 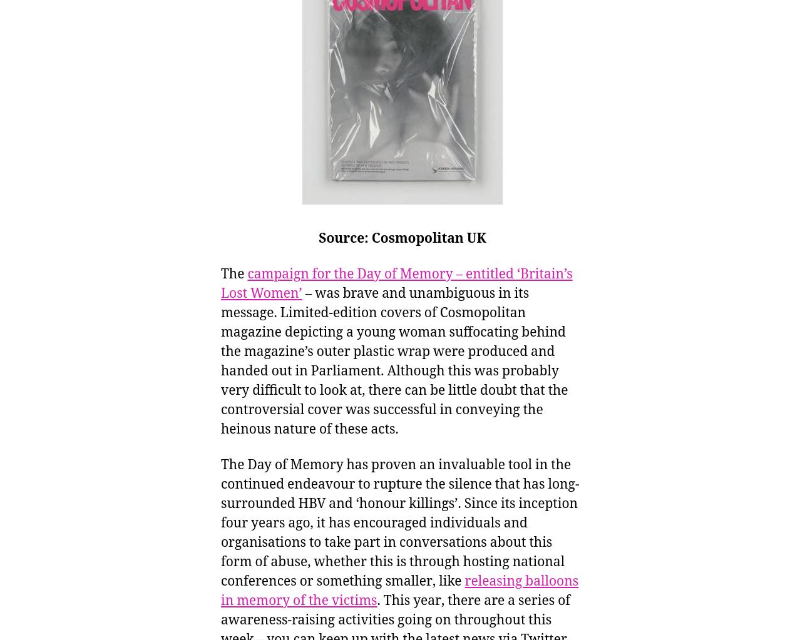 I want to click on 'Uncategorized', so click(x=73, y=8).